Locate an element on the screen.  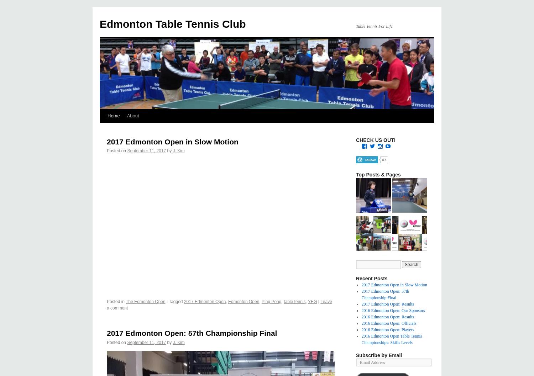
'2016 Edmonton Open: Officials' is located at coordinates (388, 323).